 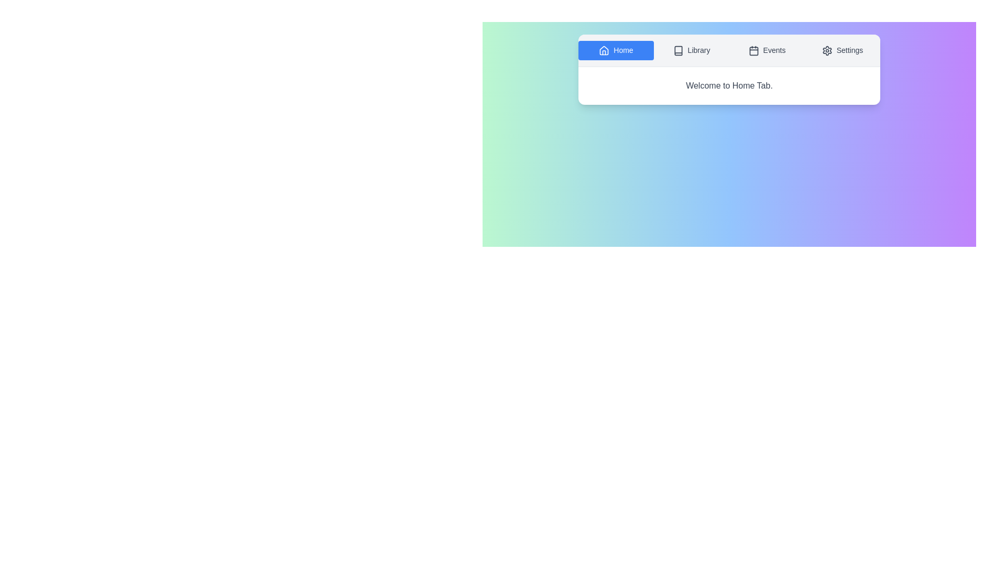 What do you see at coordinates (774, 50) in the screenshot?
I see `the 'Events' label in the navigation menu, which is the fourth item in the horizontal navigation bar, located between the calendar icon and the 'Settings' button` at bounding box center [774, 50].